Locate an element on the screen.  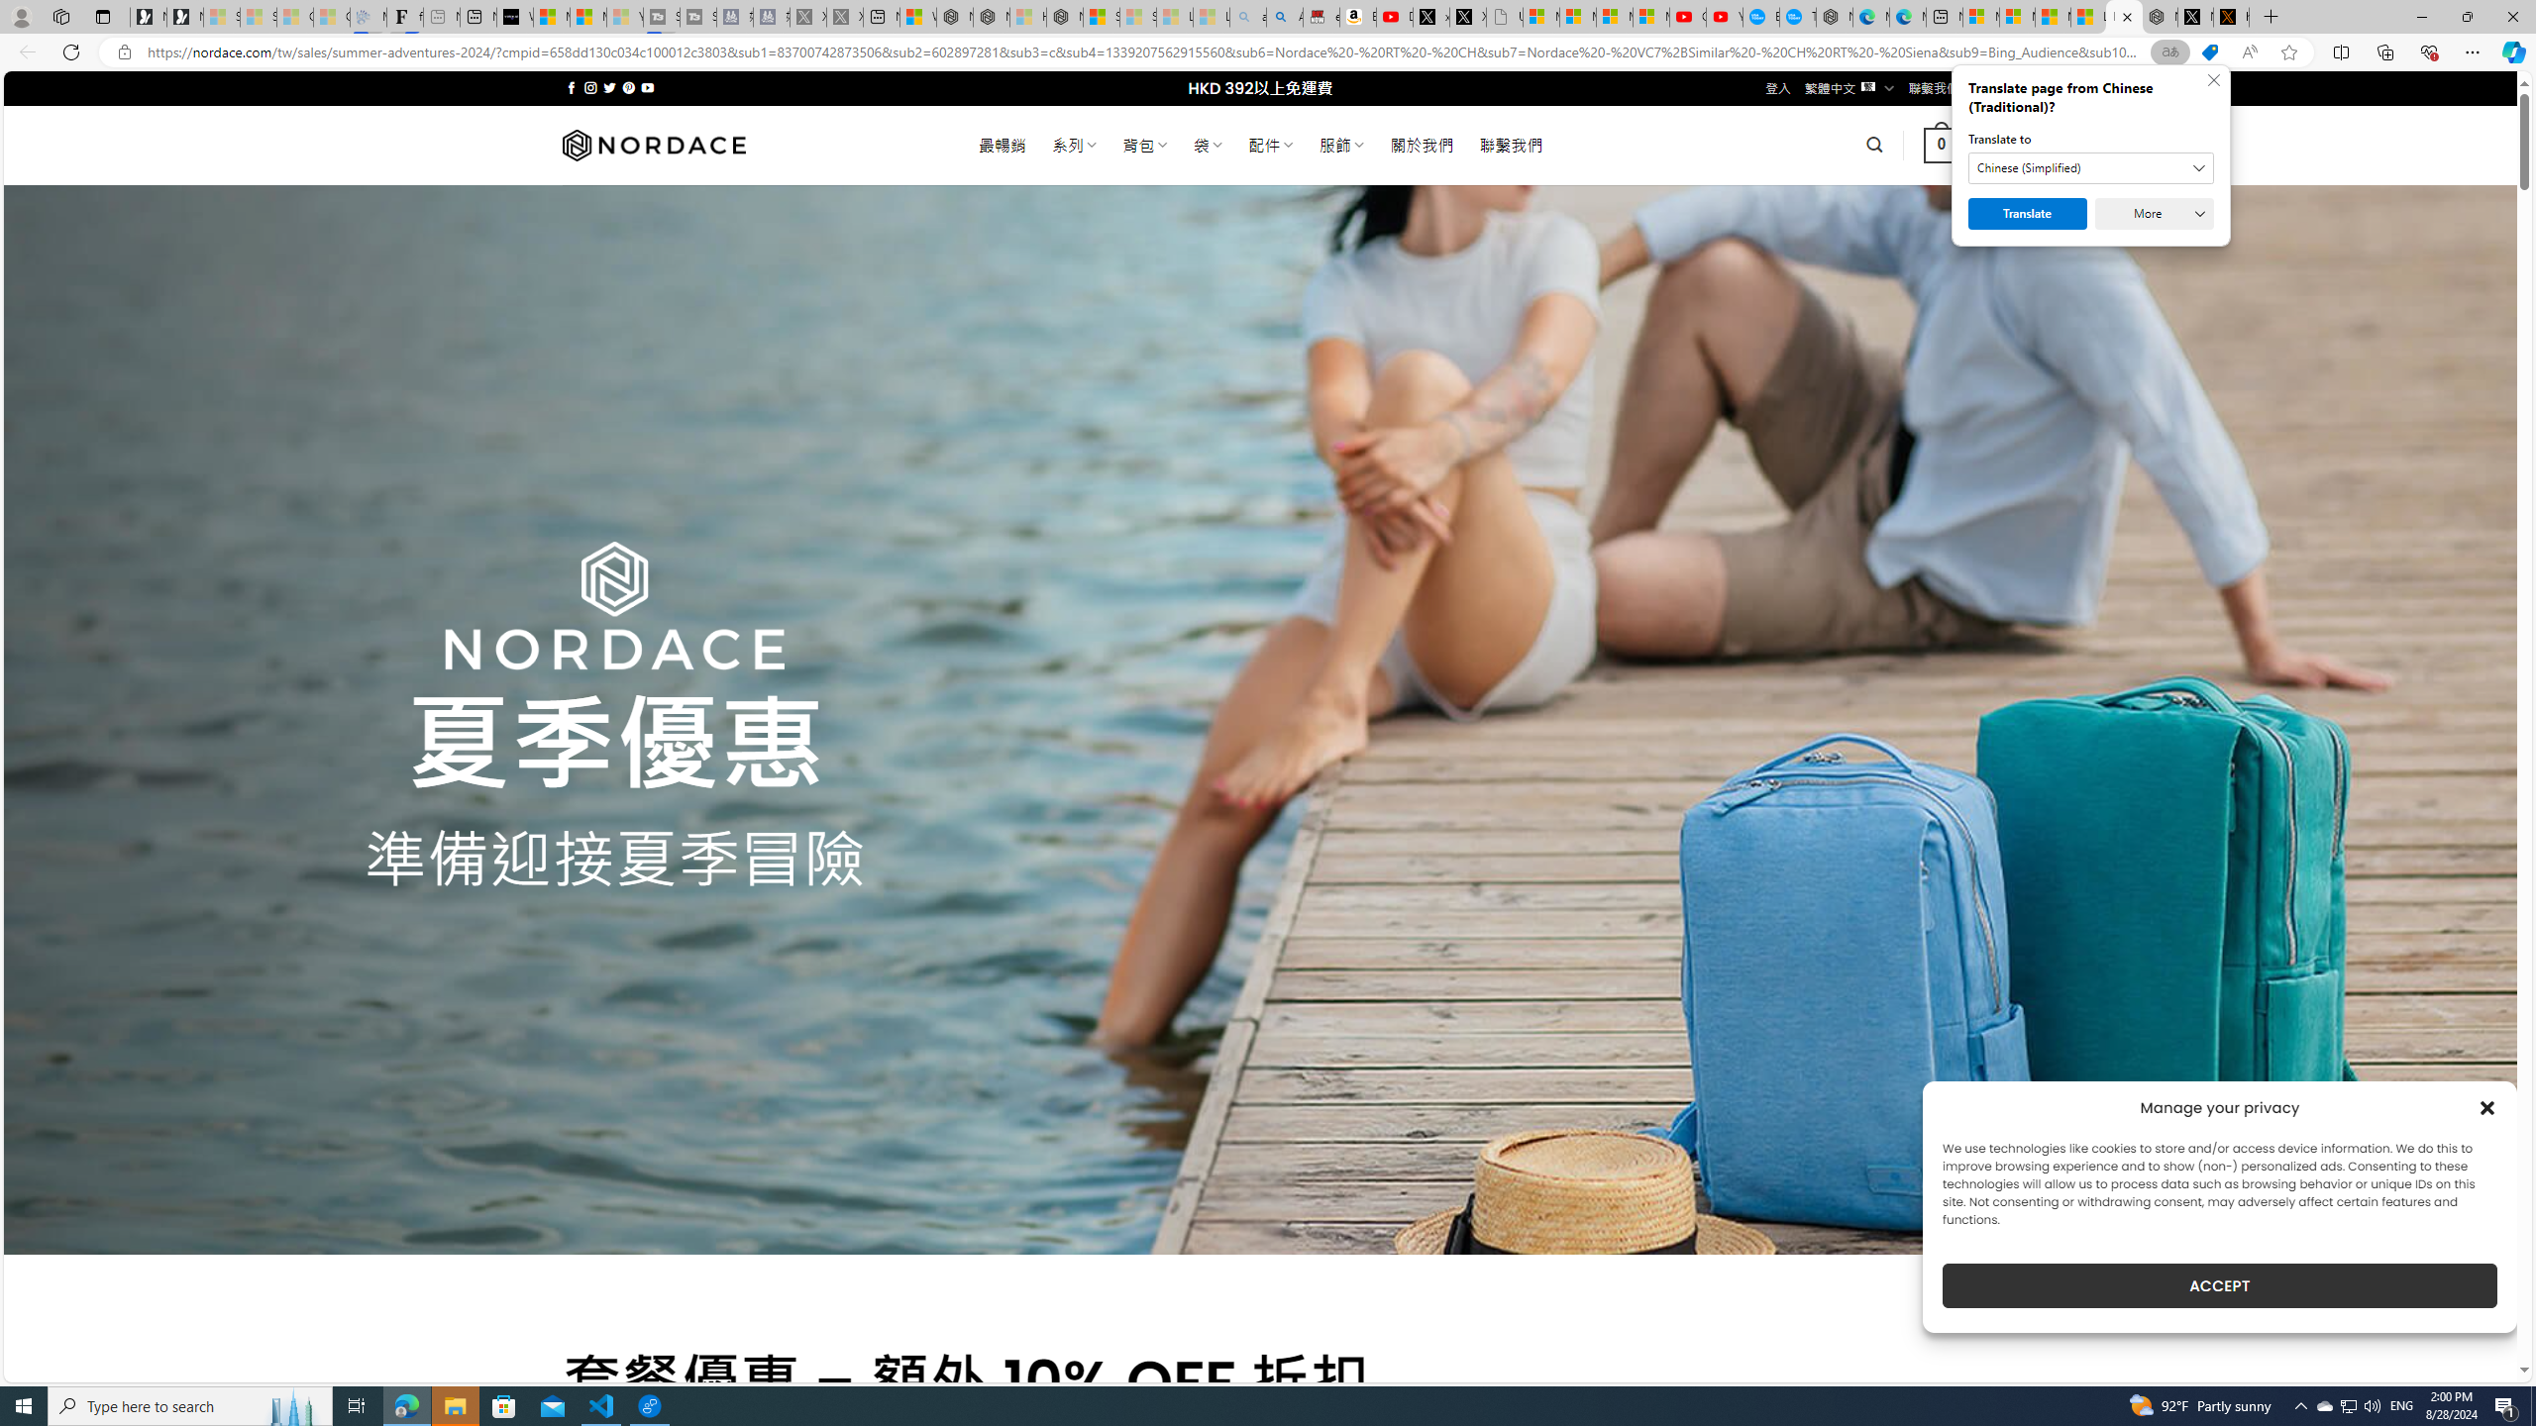
'Newsletter Sign Up' is located at coordinates (184, 16).